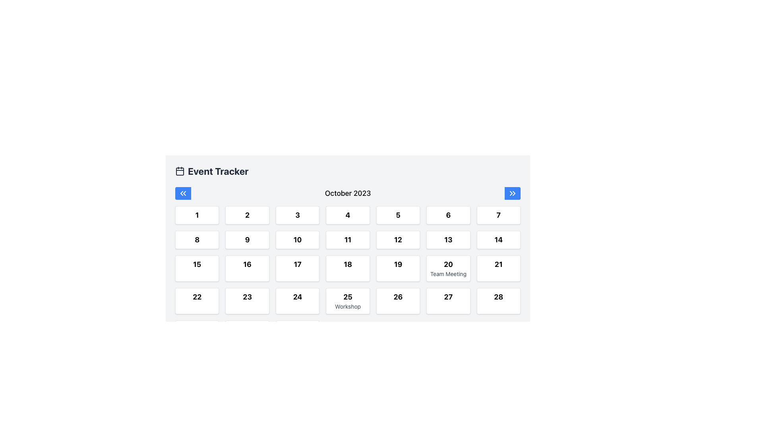  Describe the element at coordinates (182, 193) in the screenshot. I see `the navigation button located to the left of the current month and year display ('October 2023')` at that location.